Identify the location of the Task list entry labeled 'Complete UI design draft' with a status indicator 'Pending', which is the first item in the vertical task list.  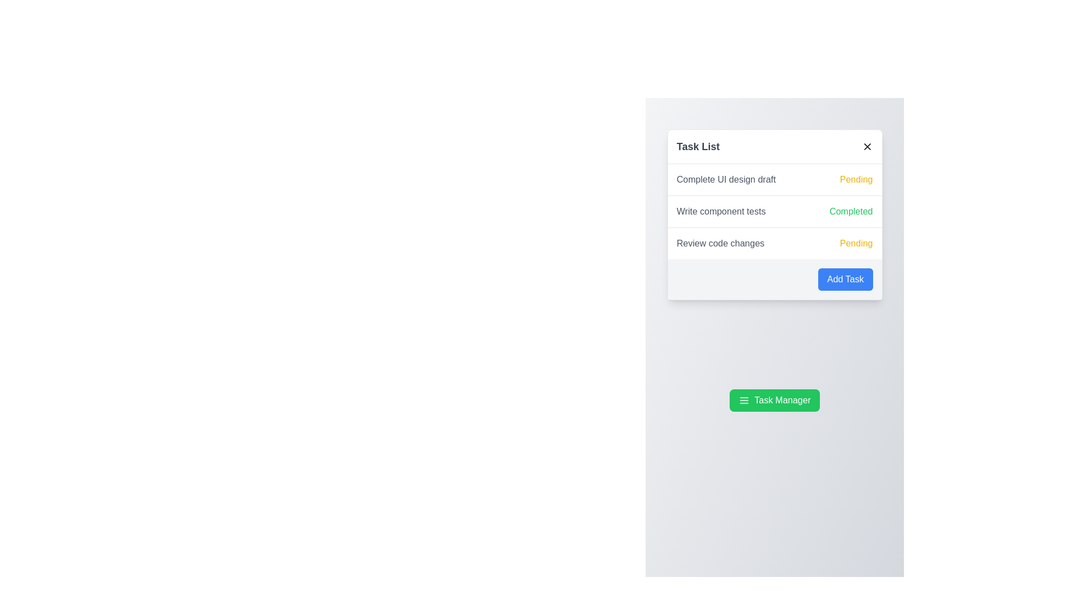
(774, 179).